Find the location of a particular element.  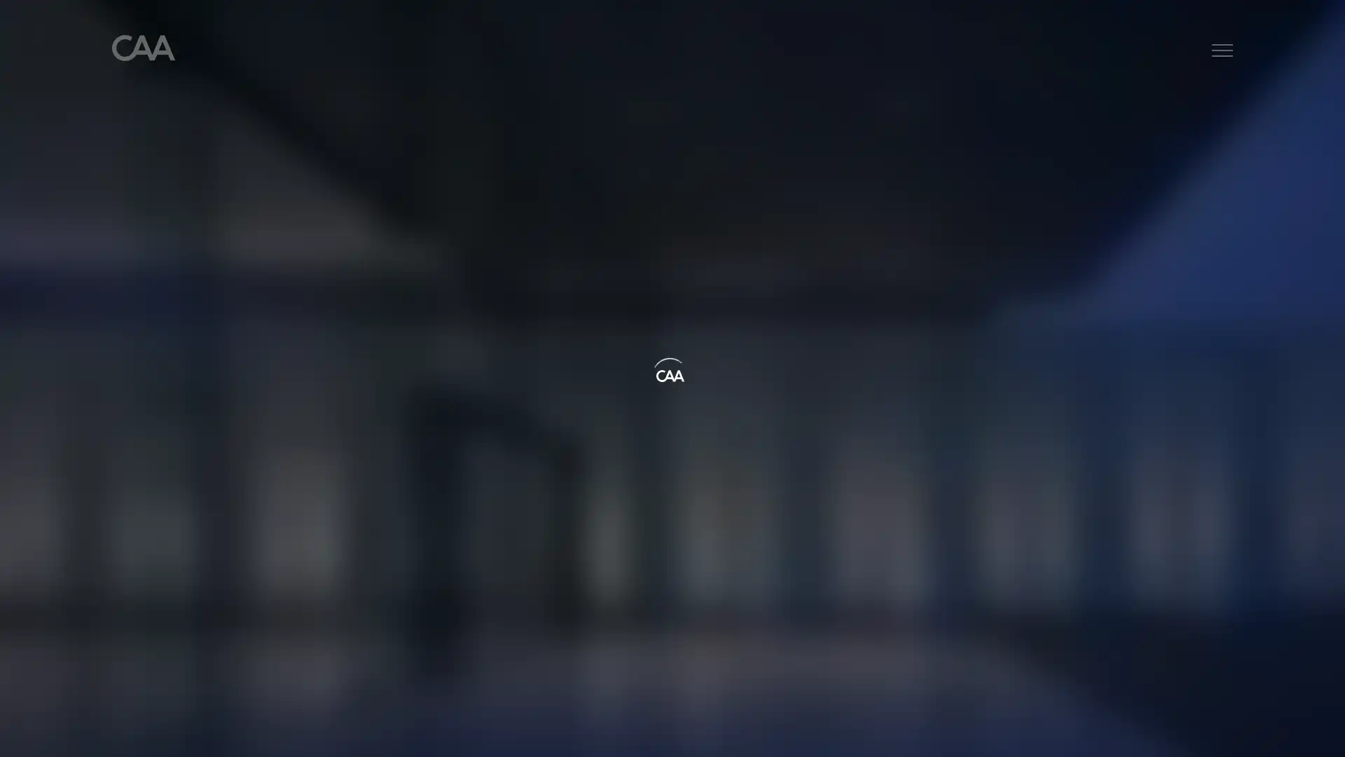

Close is located at coordinates (1321, 732).